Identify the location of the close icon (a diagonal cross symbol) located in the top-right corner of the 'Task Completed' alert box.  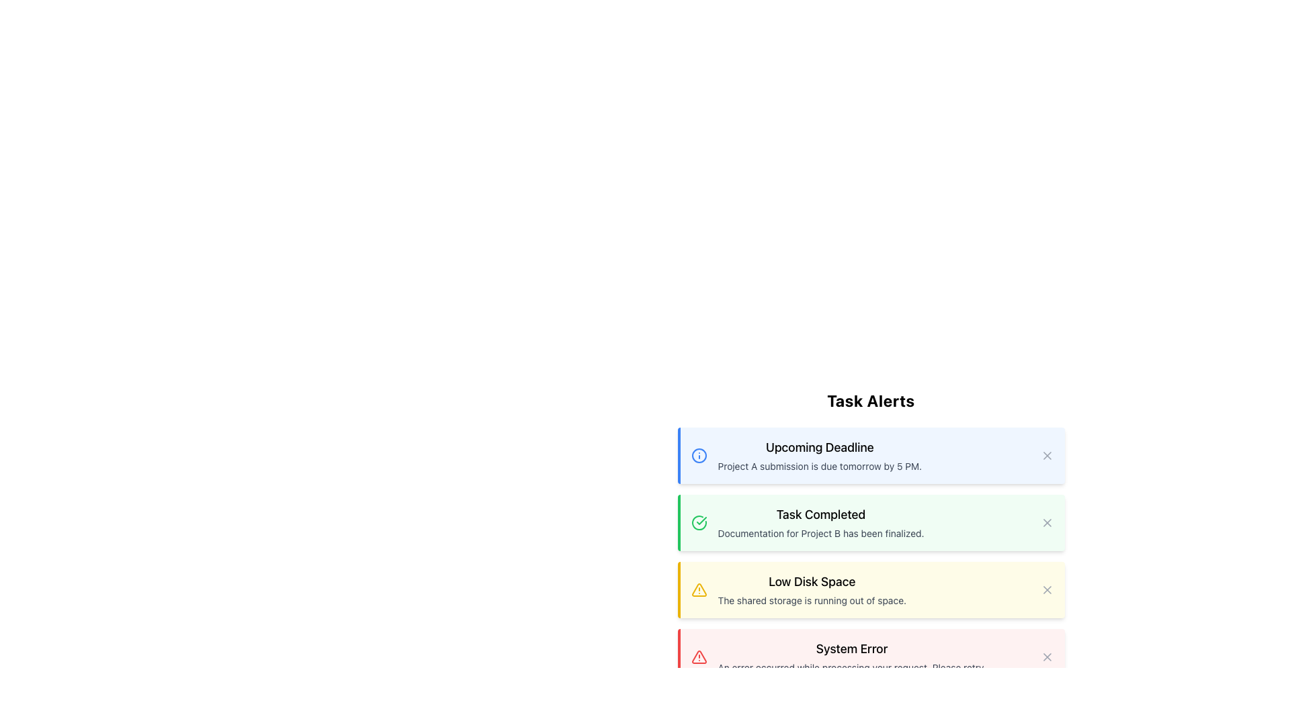
(1046, 522).